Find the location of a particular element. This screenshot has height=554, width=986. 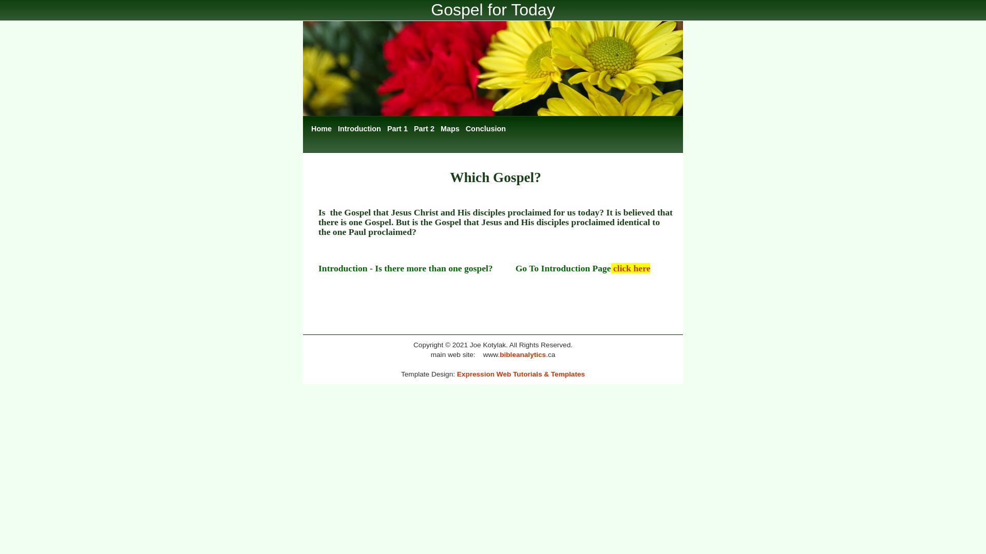

'Expression Web Tutorials & Templates' is located at coordinates (456, 374).